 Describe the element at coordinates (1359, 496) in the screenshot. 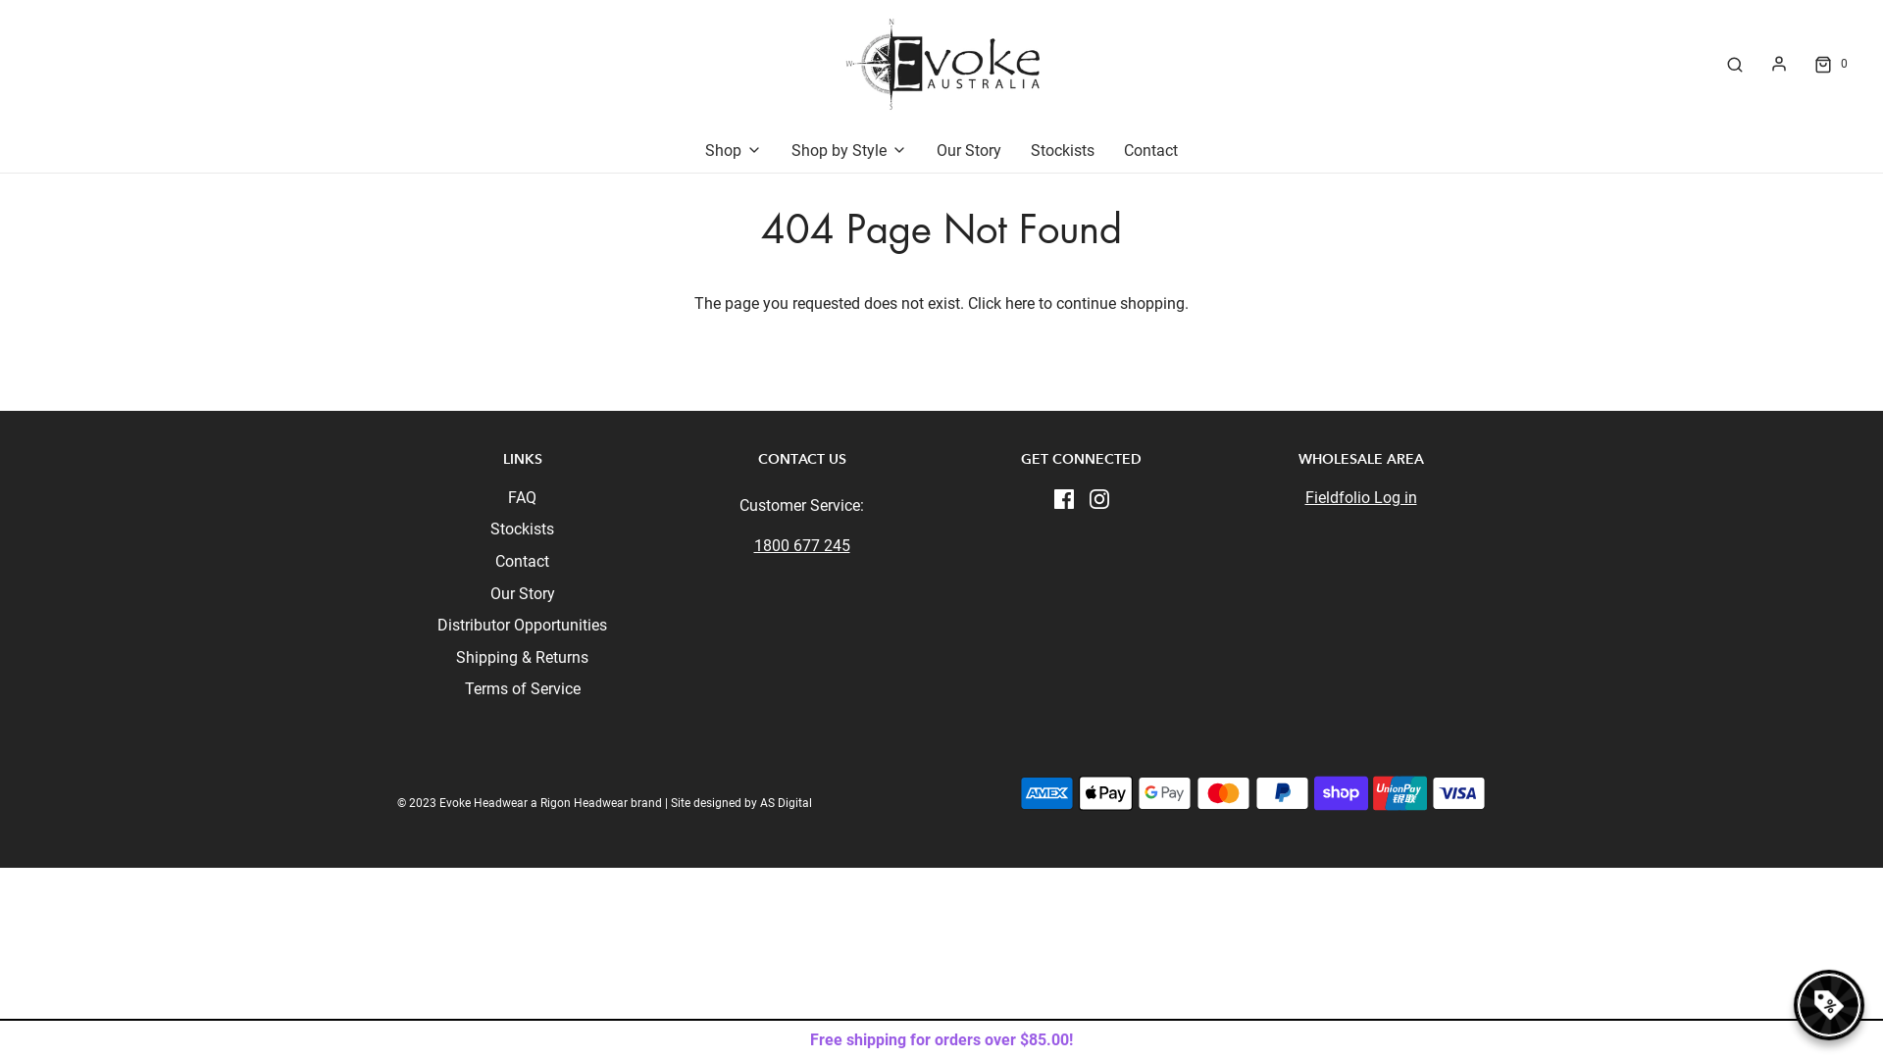

I see `'Fieldfolio Log in'` at that location.